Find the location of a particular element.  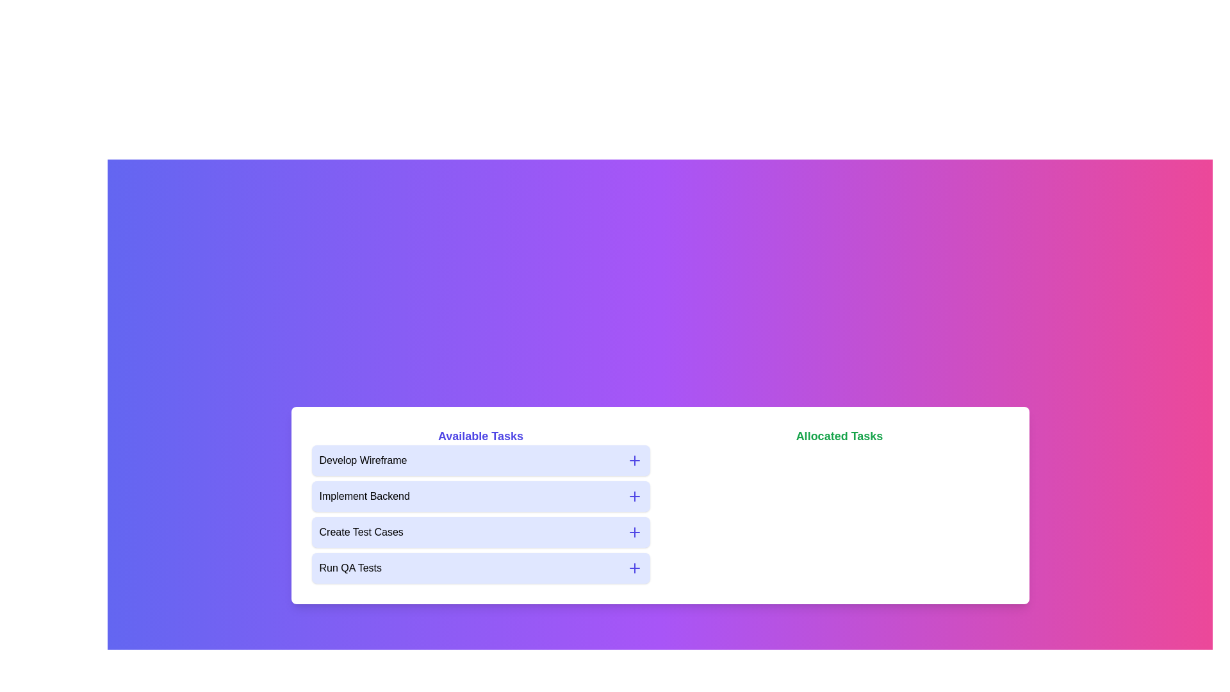

'+' icon next to the task 'Run QA Tests' in the 'Available Tasks' list to allocate it is located at coordinates (634, 568).